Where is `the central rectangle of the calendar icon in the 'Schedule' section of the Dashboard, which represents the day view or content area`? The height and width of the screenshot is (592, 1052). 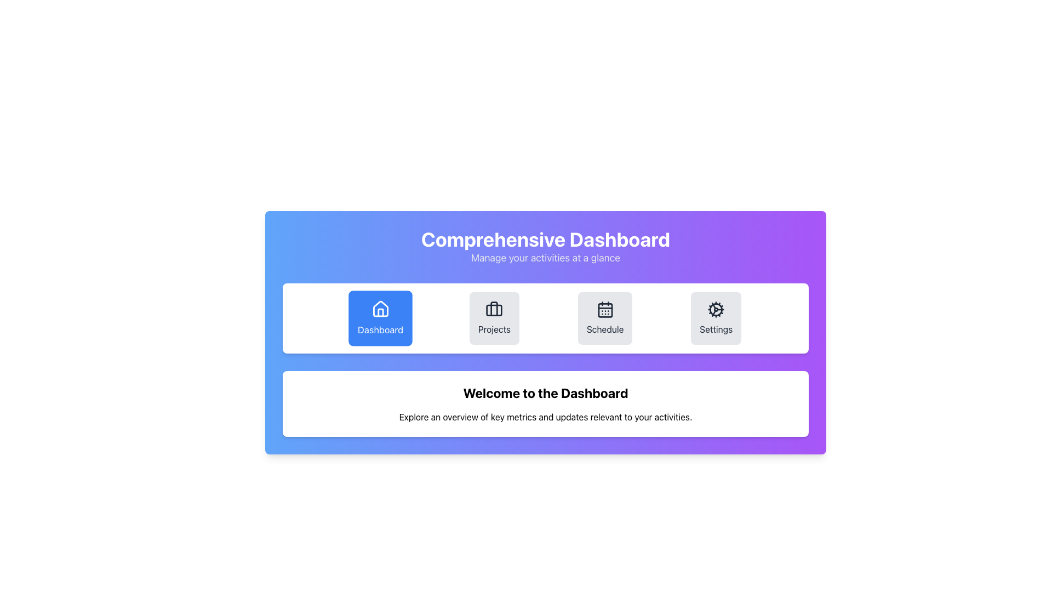 the central rectangle of the calendar icon in the 'Schedule' section of the Dashboard, which represents the day view or content area is located at coordinates (604, 310).